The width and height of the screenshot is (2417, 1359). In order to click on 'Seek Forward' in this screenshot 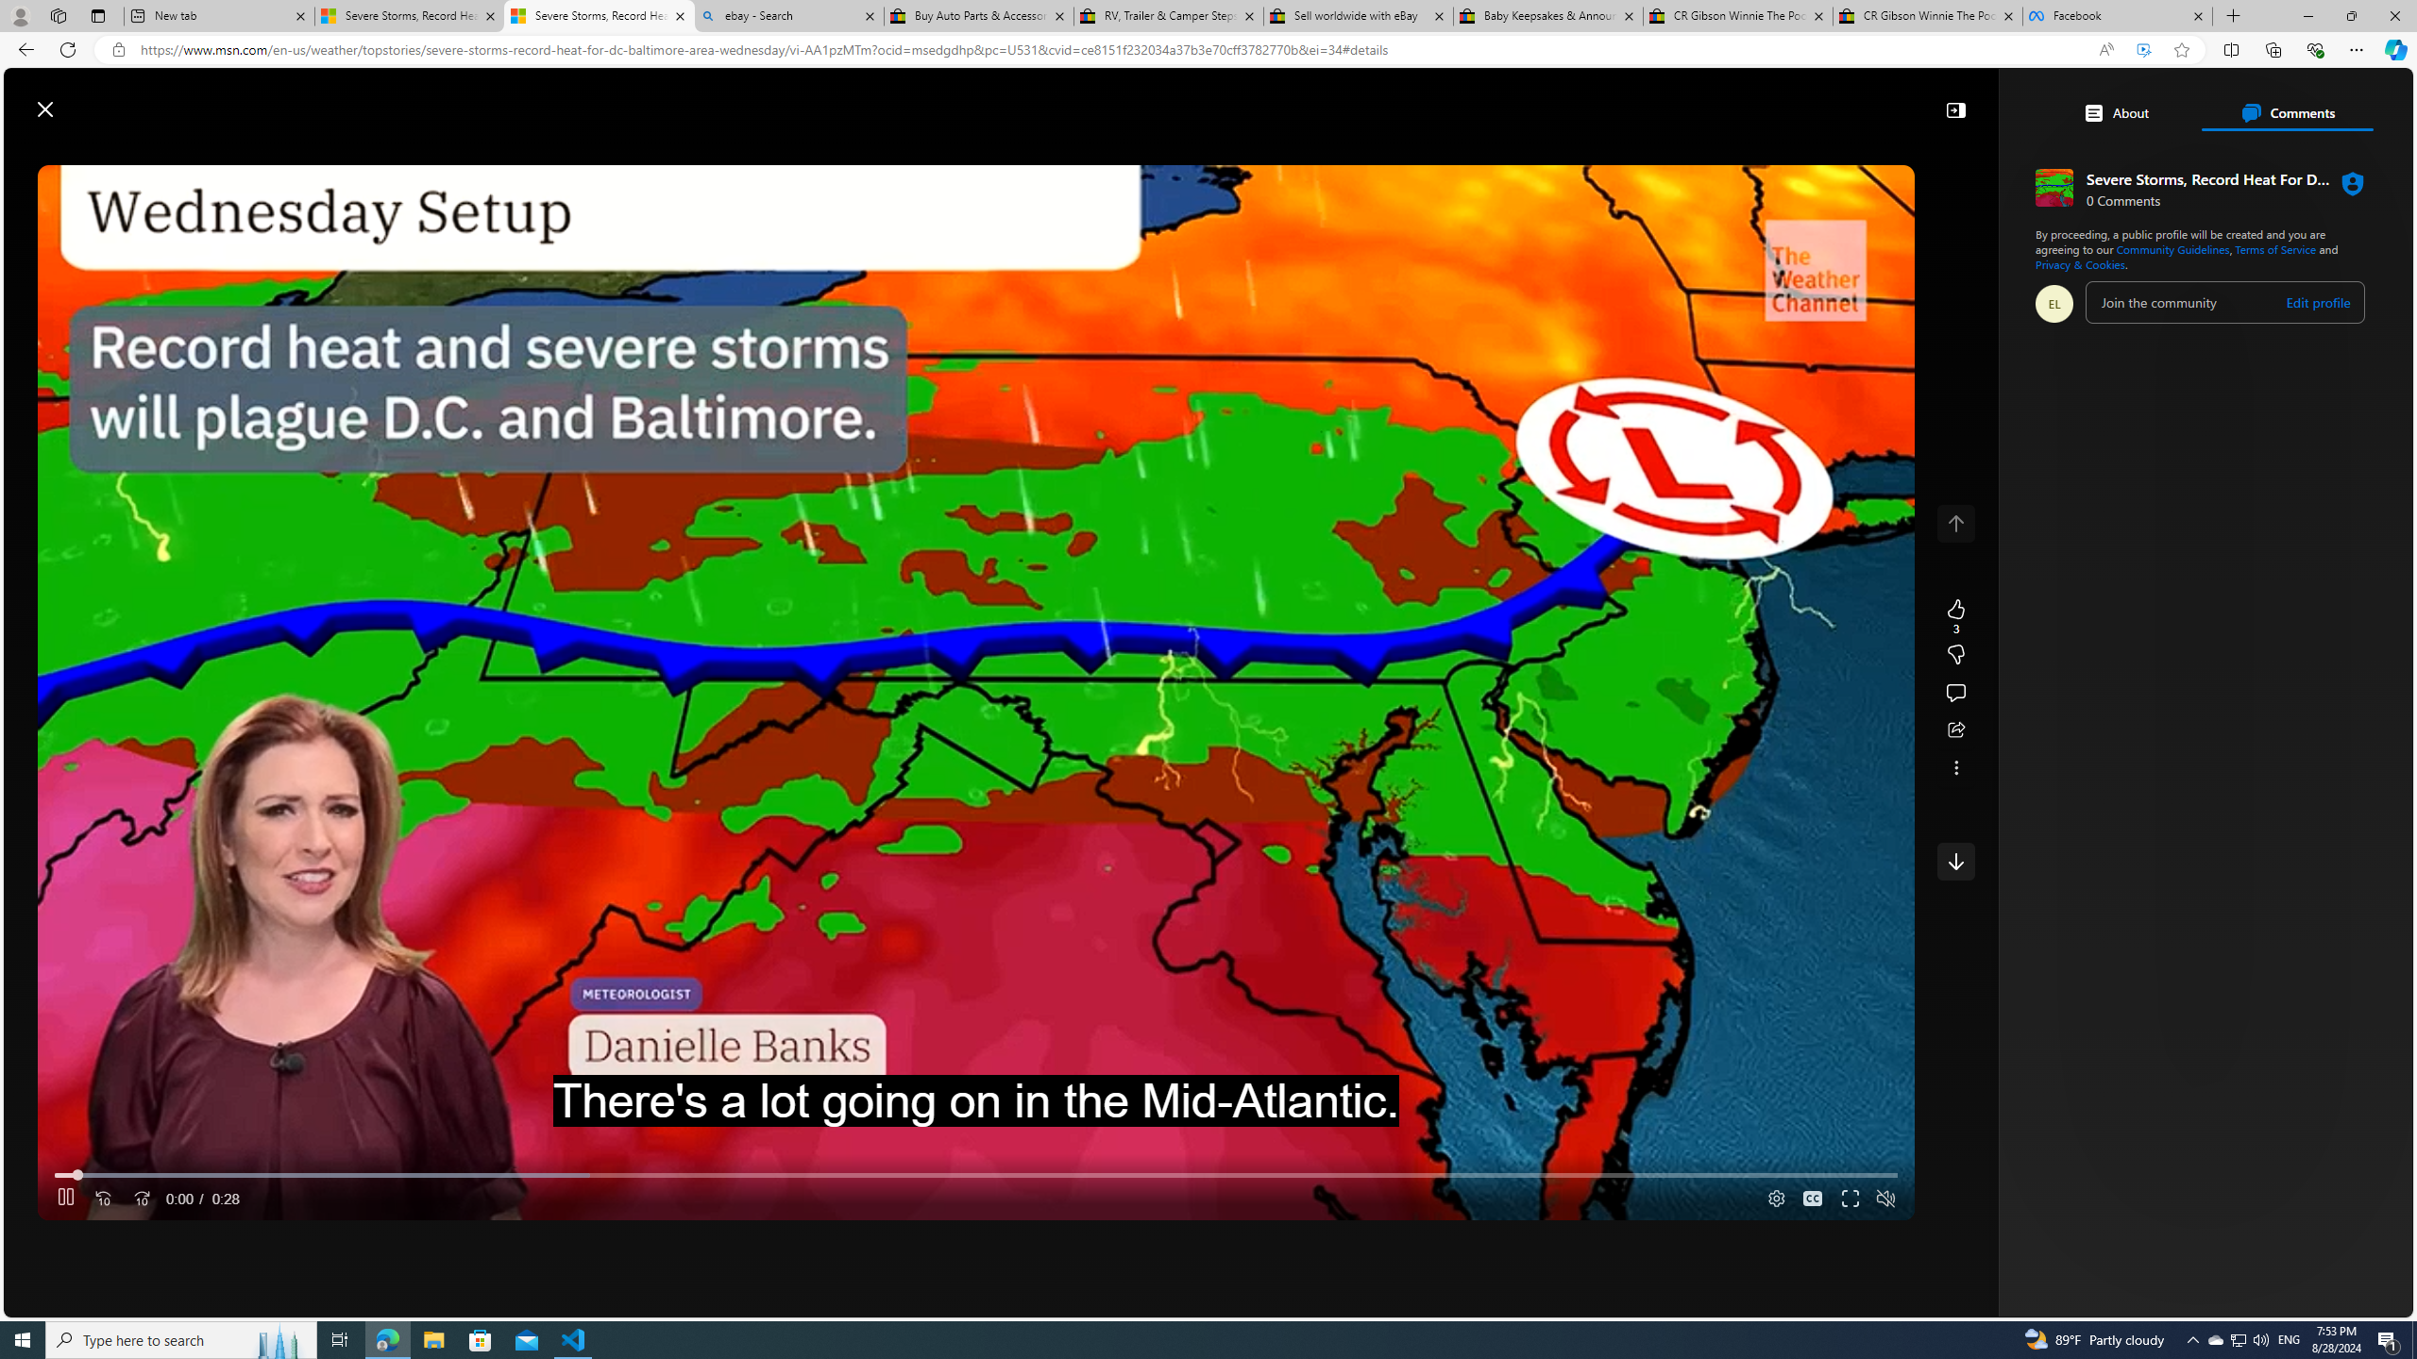, I will do `click(140, 1200)`.